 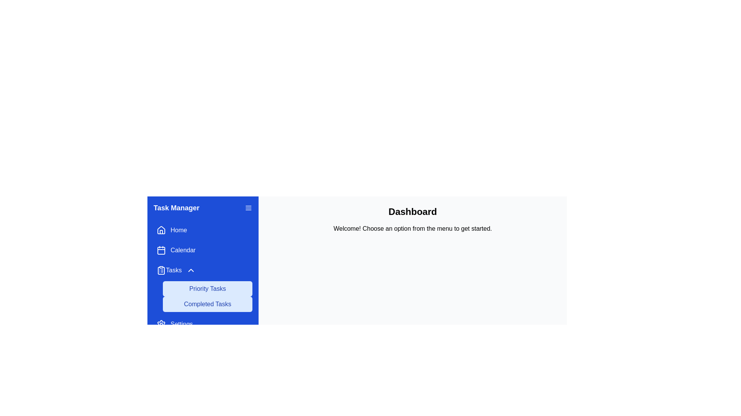 What do you see at coordinates (161, 250) in the screenshot?
I see `the calendar icon, which is the first icon on the left side of the 'Calendar' button in the sidebar navigation menu, positioned between the 'Home' and 'Tasks' options` at bounding box center [161, 250].